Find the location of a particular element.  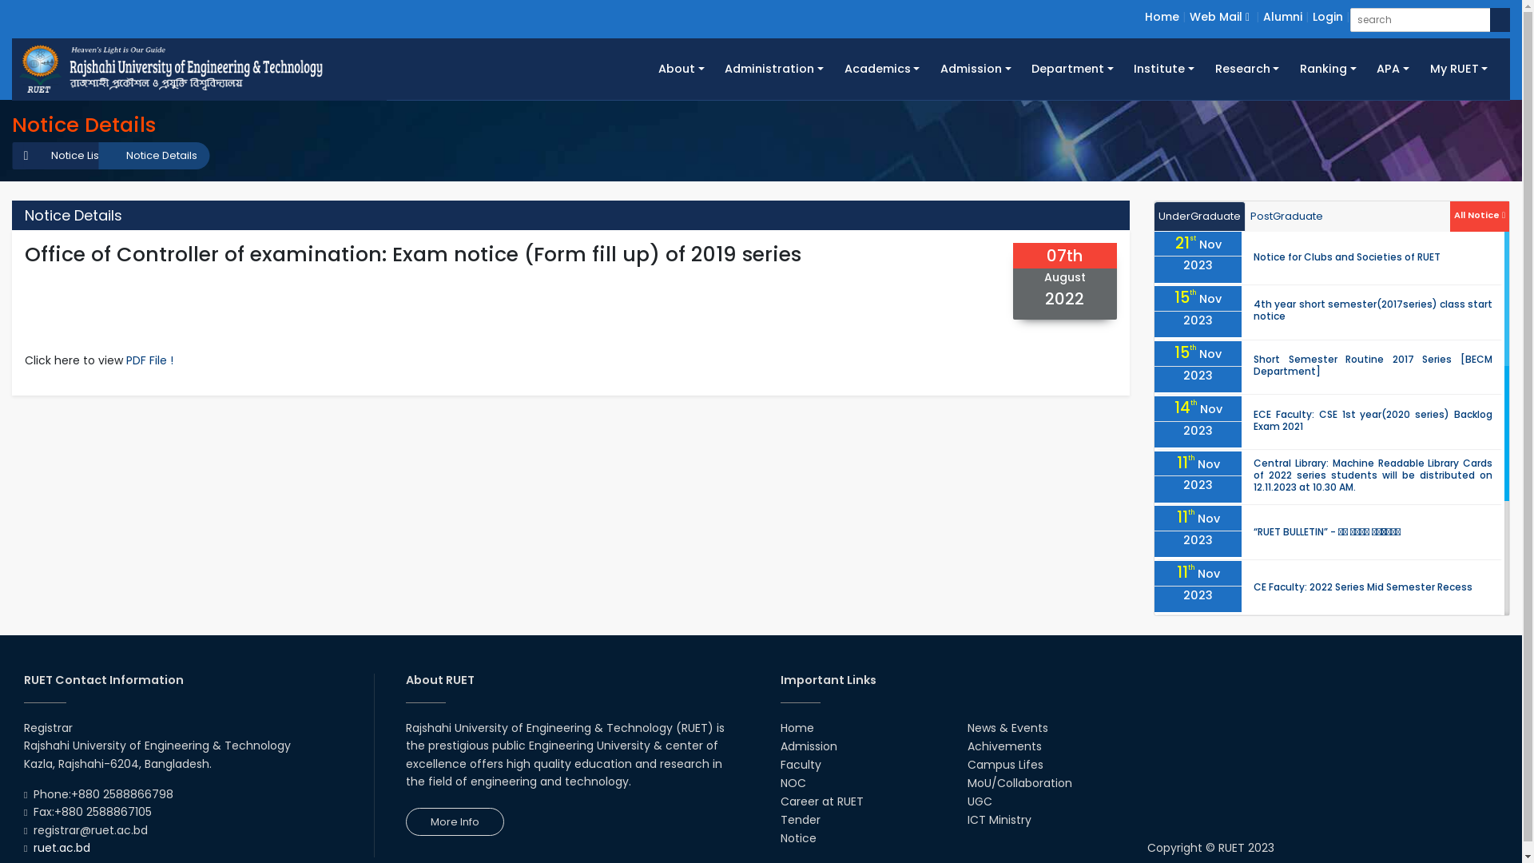

'CE Faculty: 2022 Series Mid Semester Recess' is located at coordinates (1361, 587).